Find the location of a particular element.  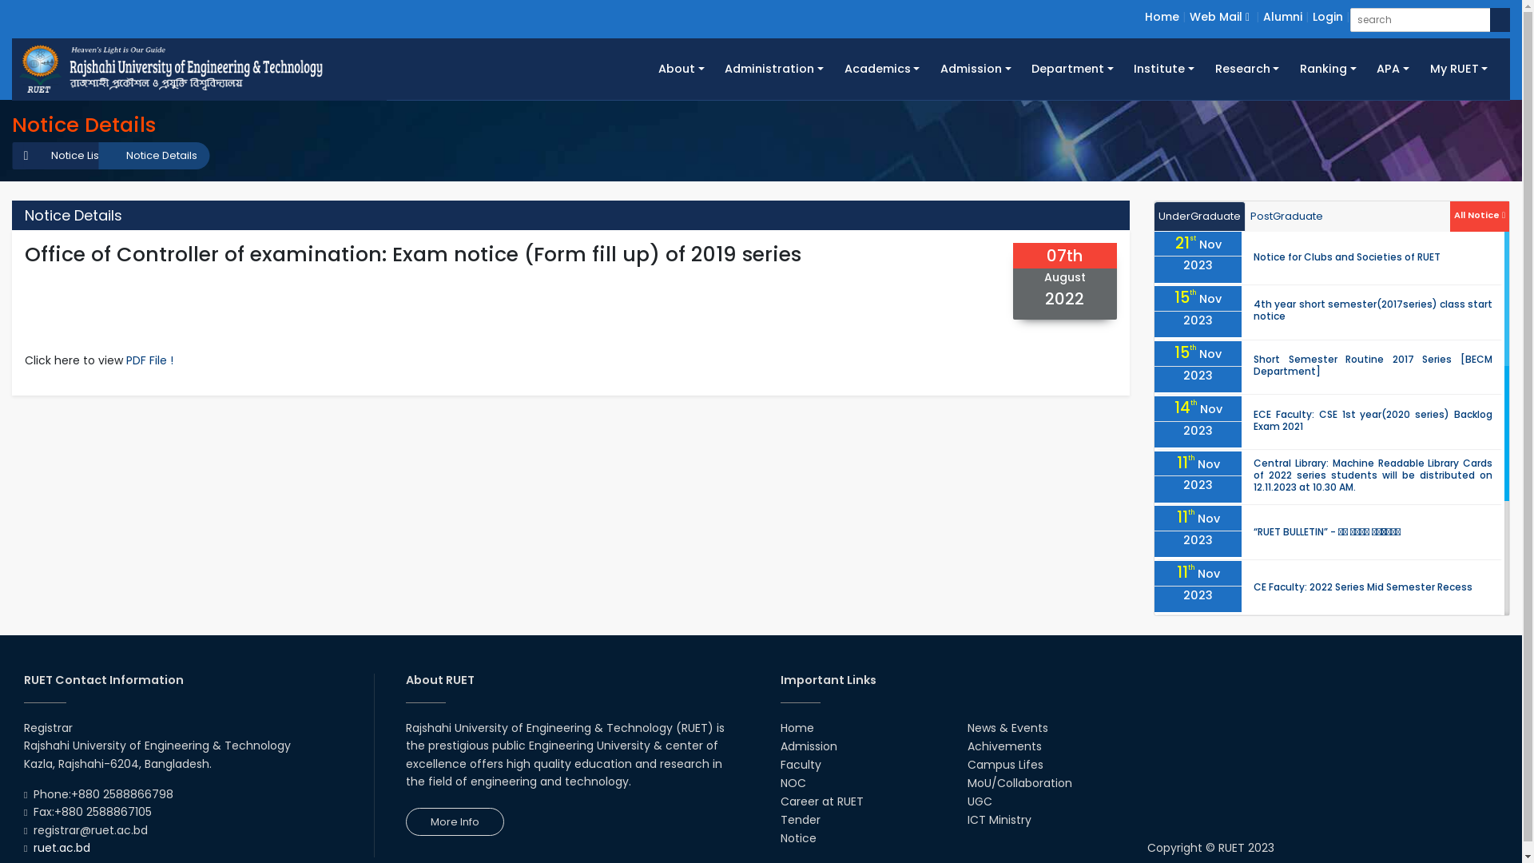

'CE Faculty: 2022 Series Mid Semester Recess' is located at coordinates (1361, 587).